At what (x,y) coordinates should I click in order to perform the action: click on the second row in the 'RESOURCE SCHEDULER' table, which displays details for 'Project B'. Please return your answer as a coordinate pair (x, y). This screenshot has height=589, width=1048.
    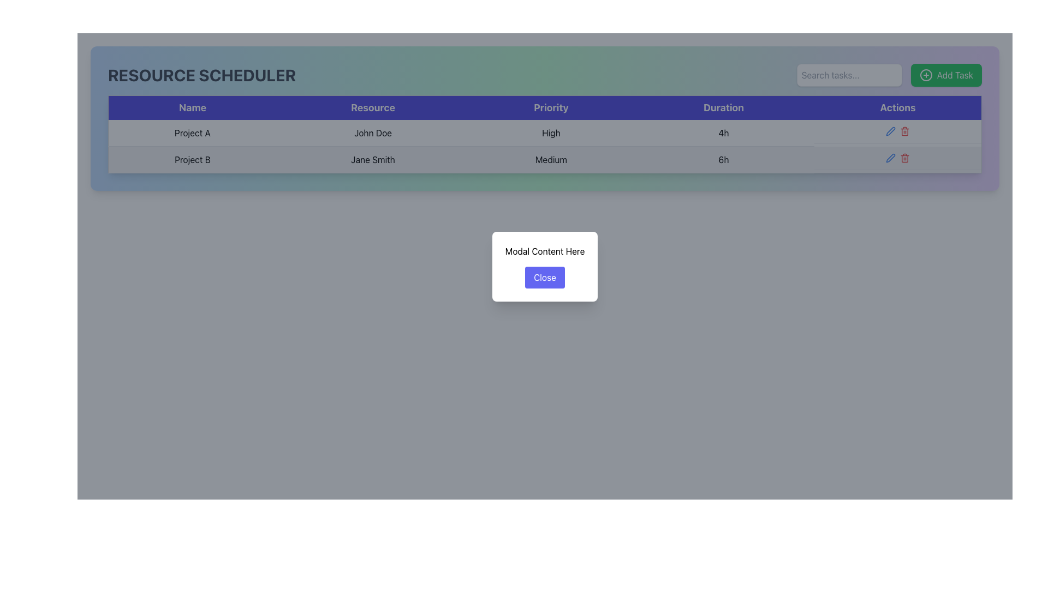
    Looking at the image, I should click on (545, 160).